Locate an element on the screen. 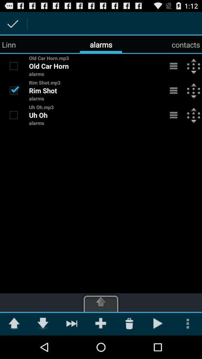  click for more options is located at coordinates (174, 115).